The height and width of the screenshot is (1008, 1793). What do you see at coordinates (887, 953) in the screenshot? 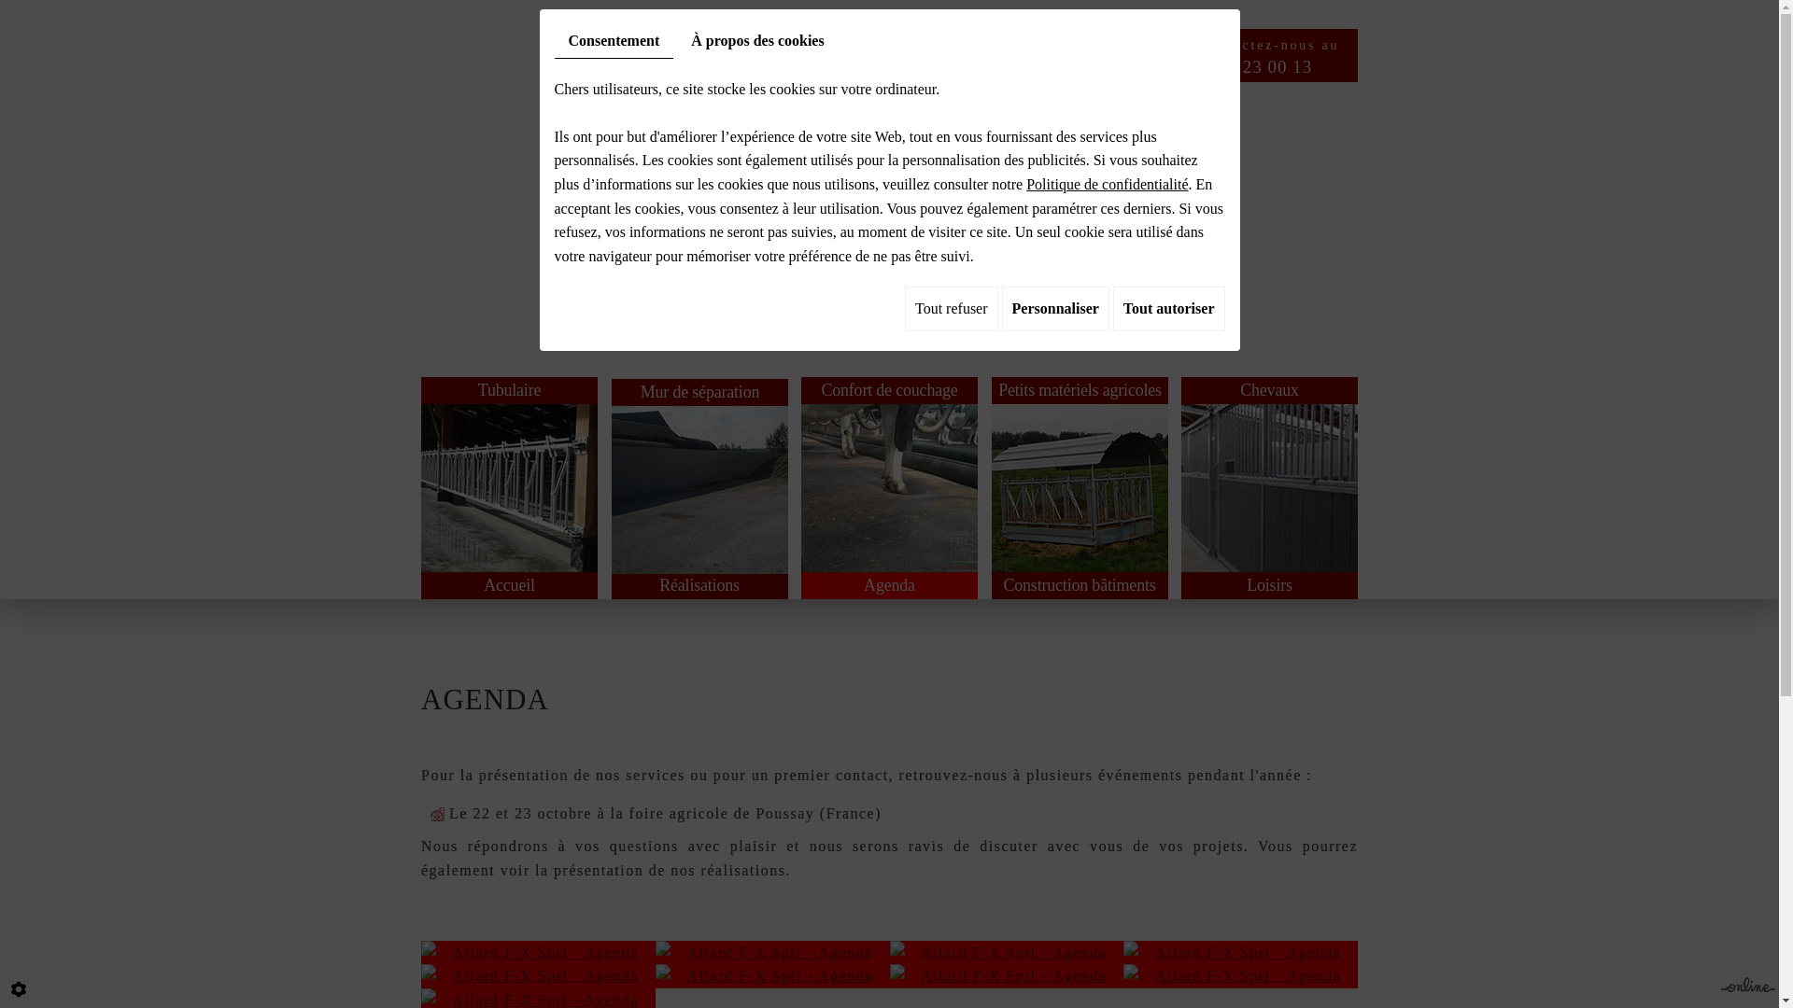
I see `'Allard F-X Sprl -  Agenda Agribex'` at bounding box center [887, 953].